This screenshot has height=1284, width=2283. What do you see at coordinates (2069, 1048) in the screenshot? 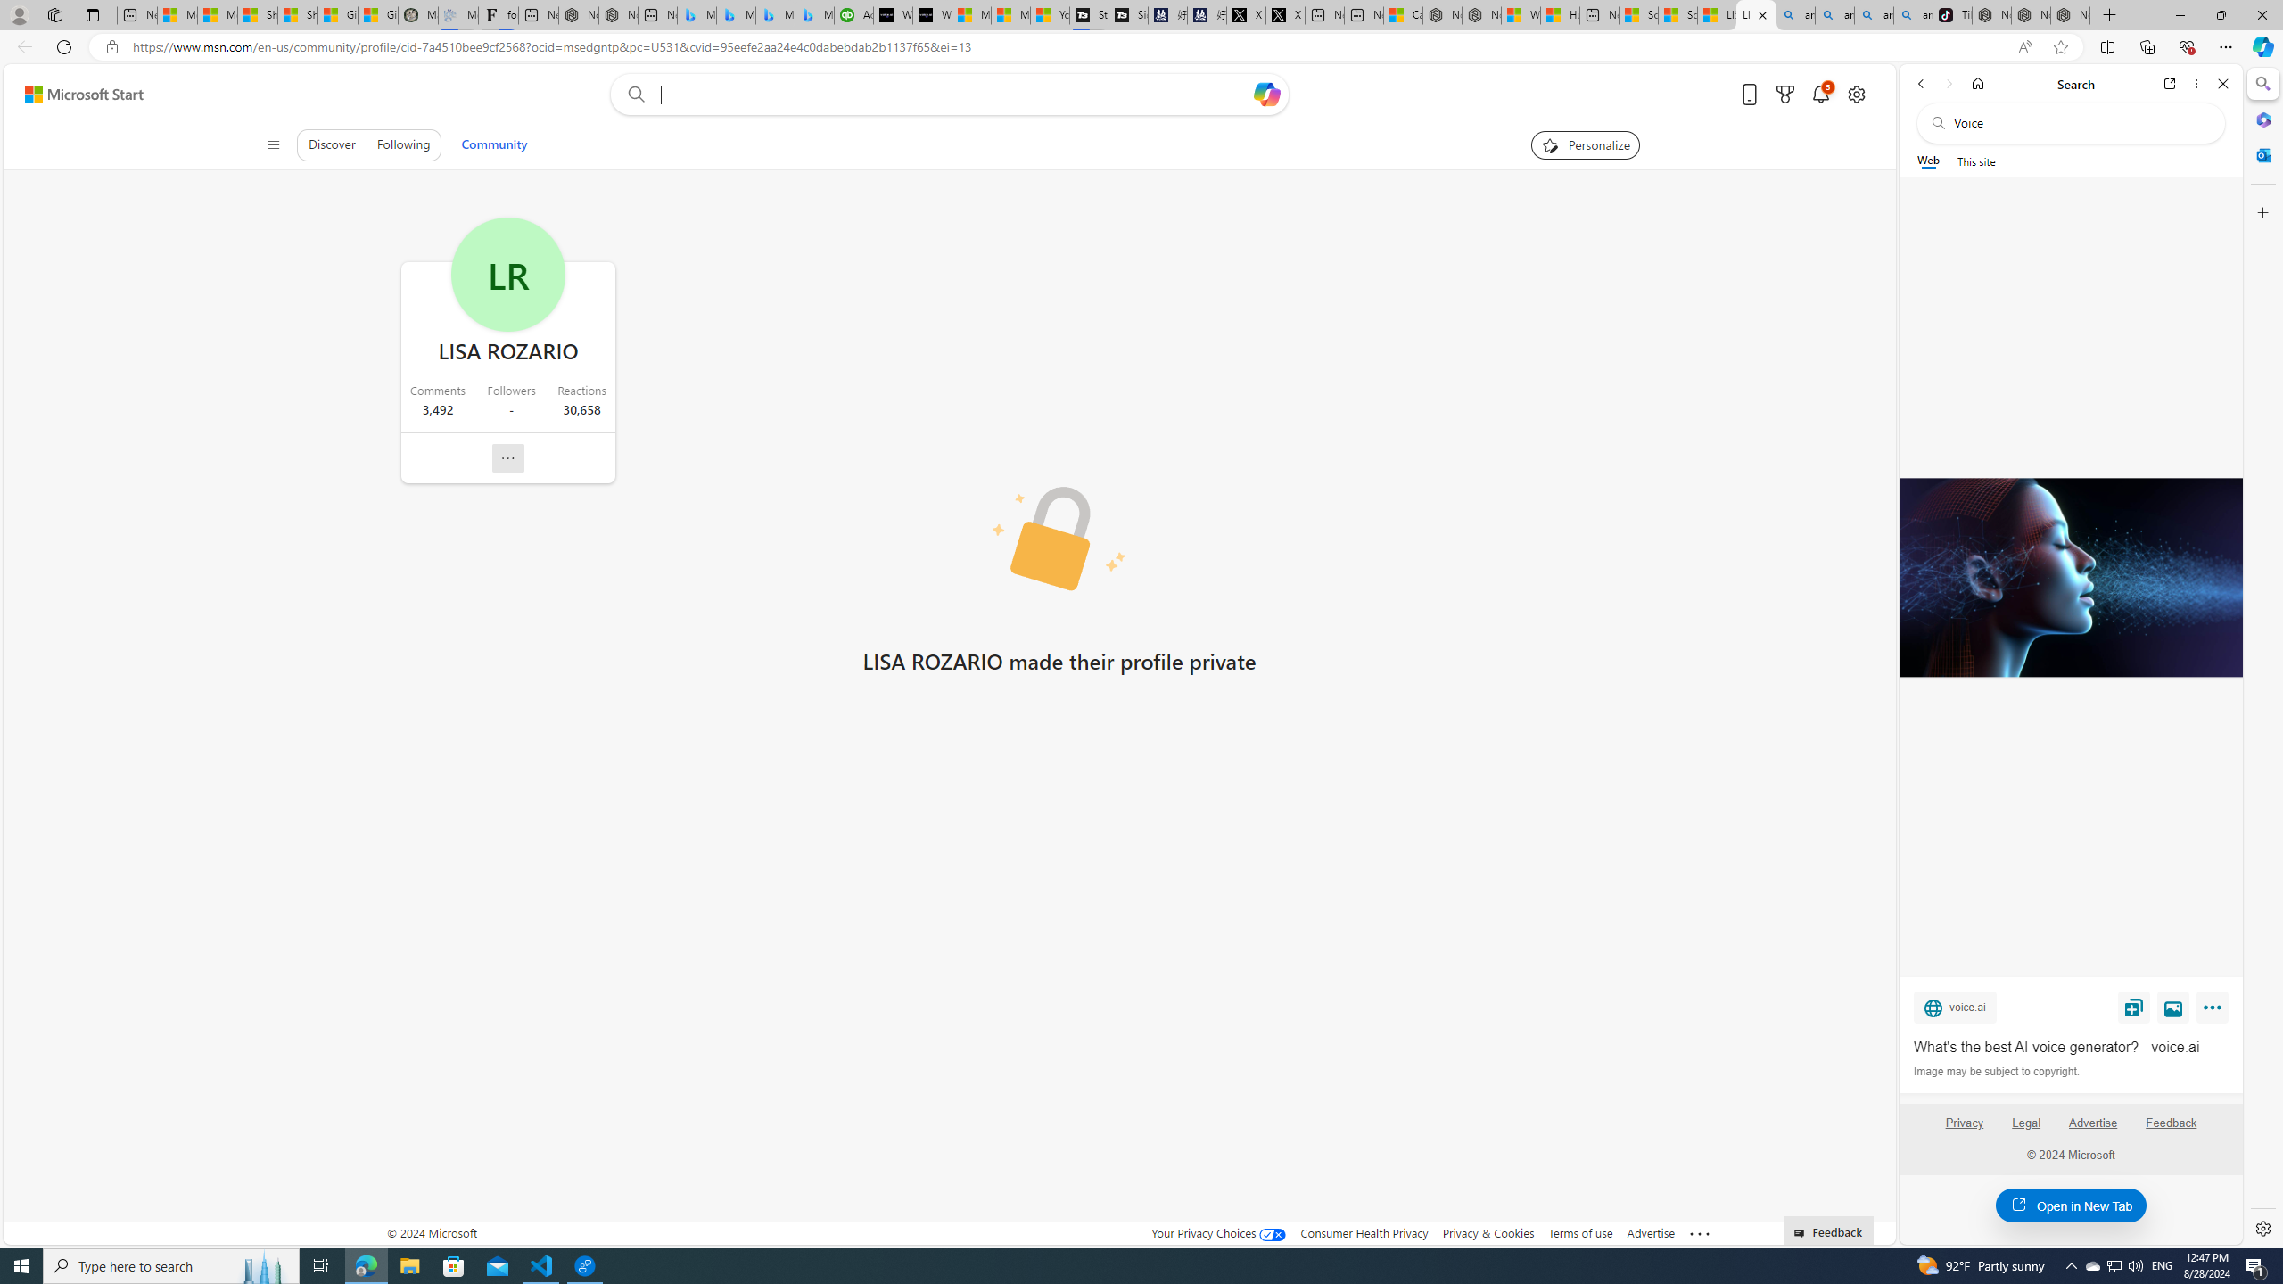
I see `'What'` at bounding box center [2069, 1048].